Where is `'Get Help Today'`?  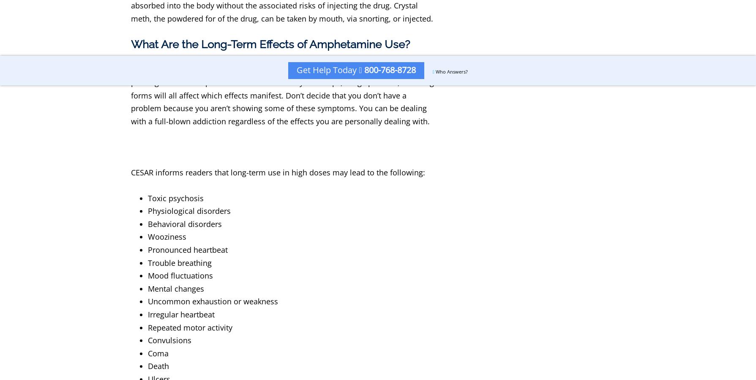 'Get Help Today' is located at coordinates (297, 70).